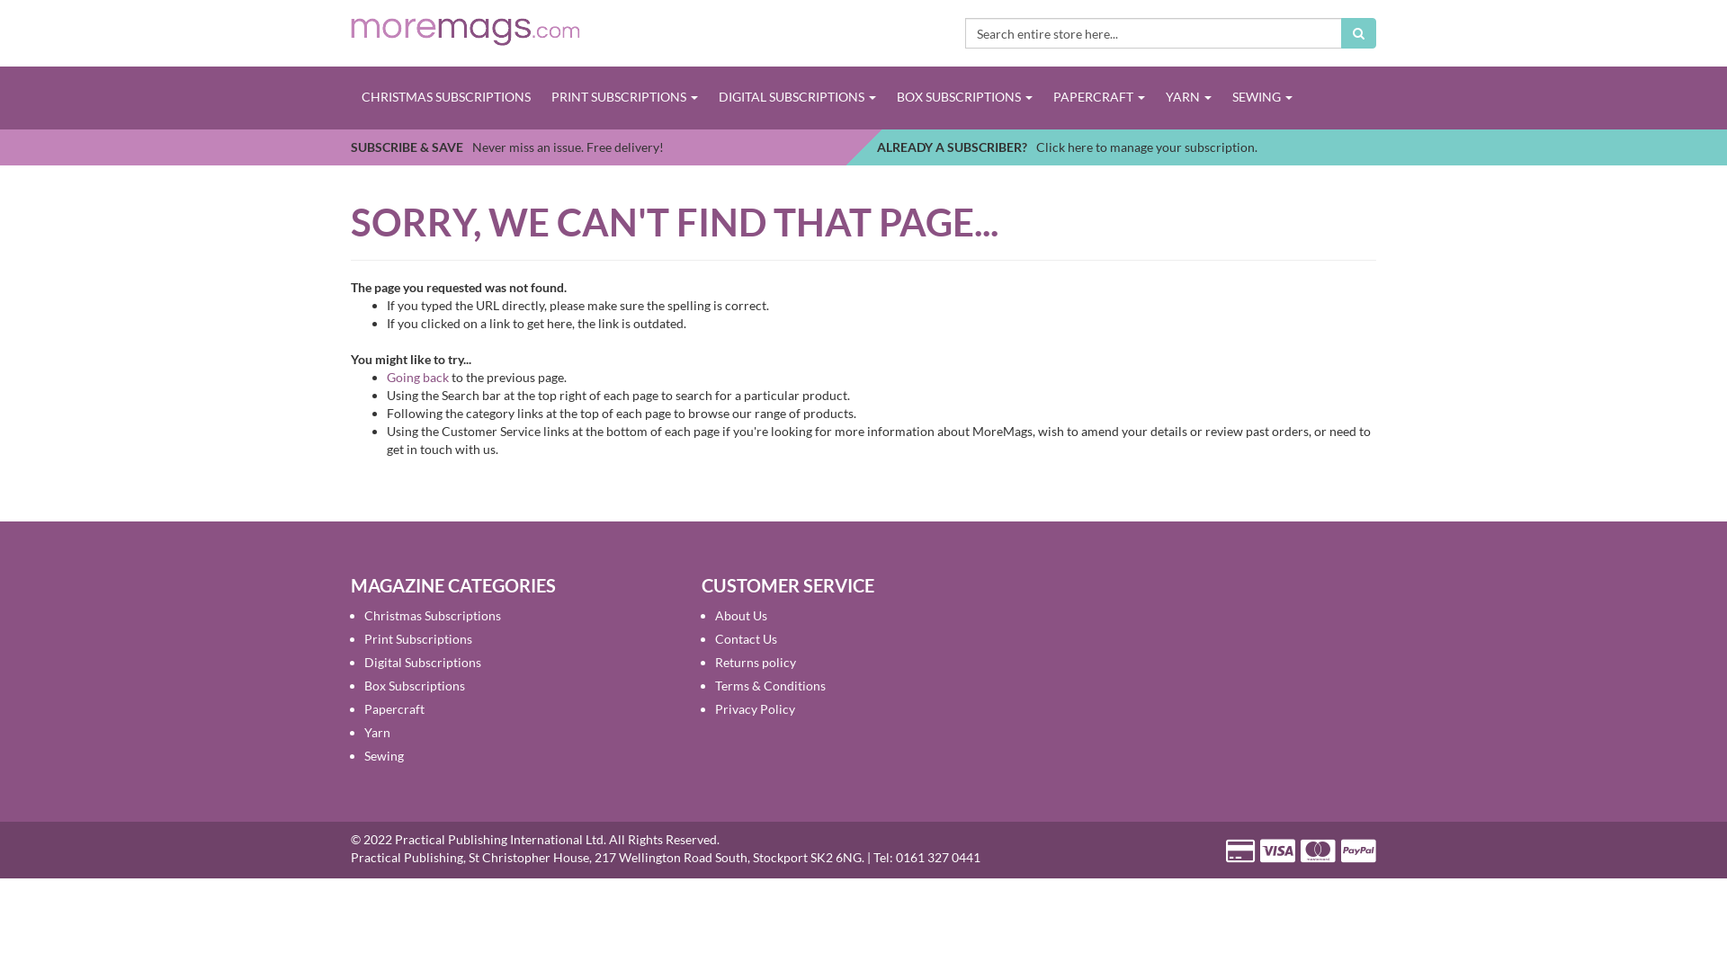 This screenshot has width=1727, height=971. What do you see at coordinates (383, 755) in the screenshot?
I see `'Sewing'` at bounding box center [383, 755].